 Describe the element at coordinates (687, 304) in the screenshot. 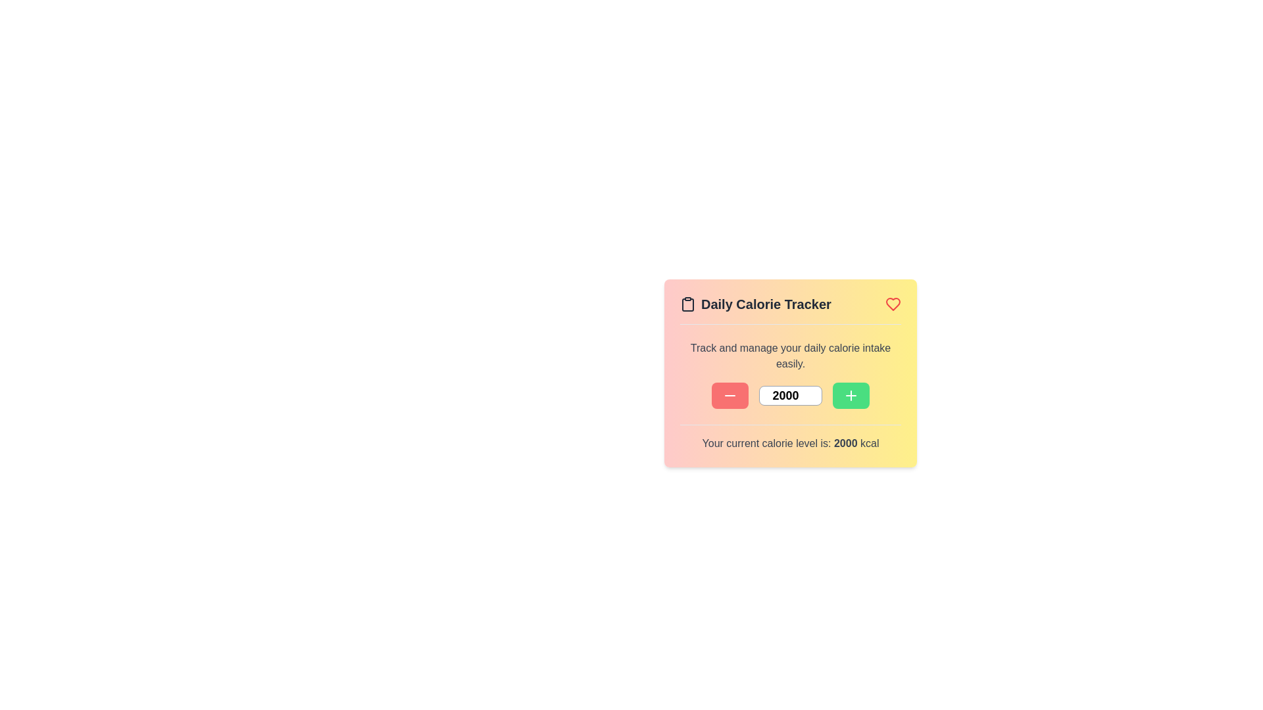

I see `the body of the clipboard icon, which is a rounded rectangular shape located in the top-left corner of the 'Daily Calorie Tracker' interactive card` at that location.